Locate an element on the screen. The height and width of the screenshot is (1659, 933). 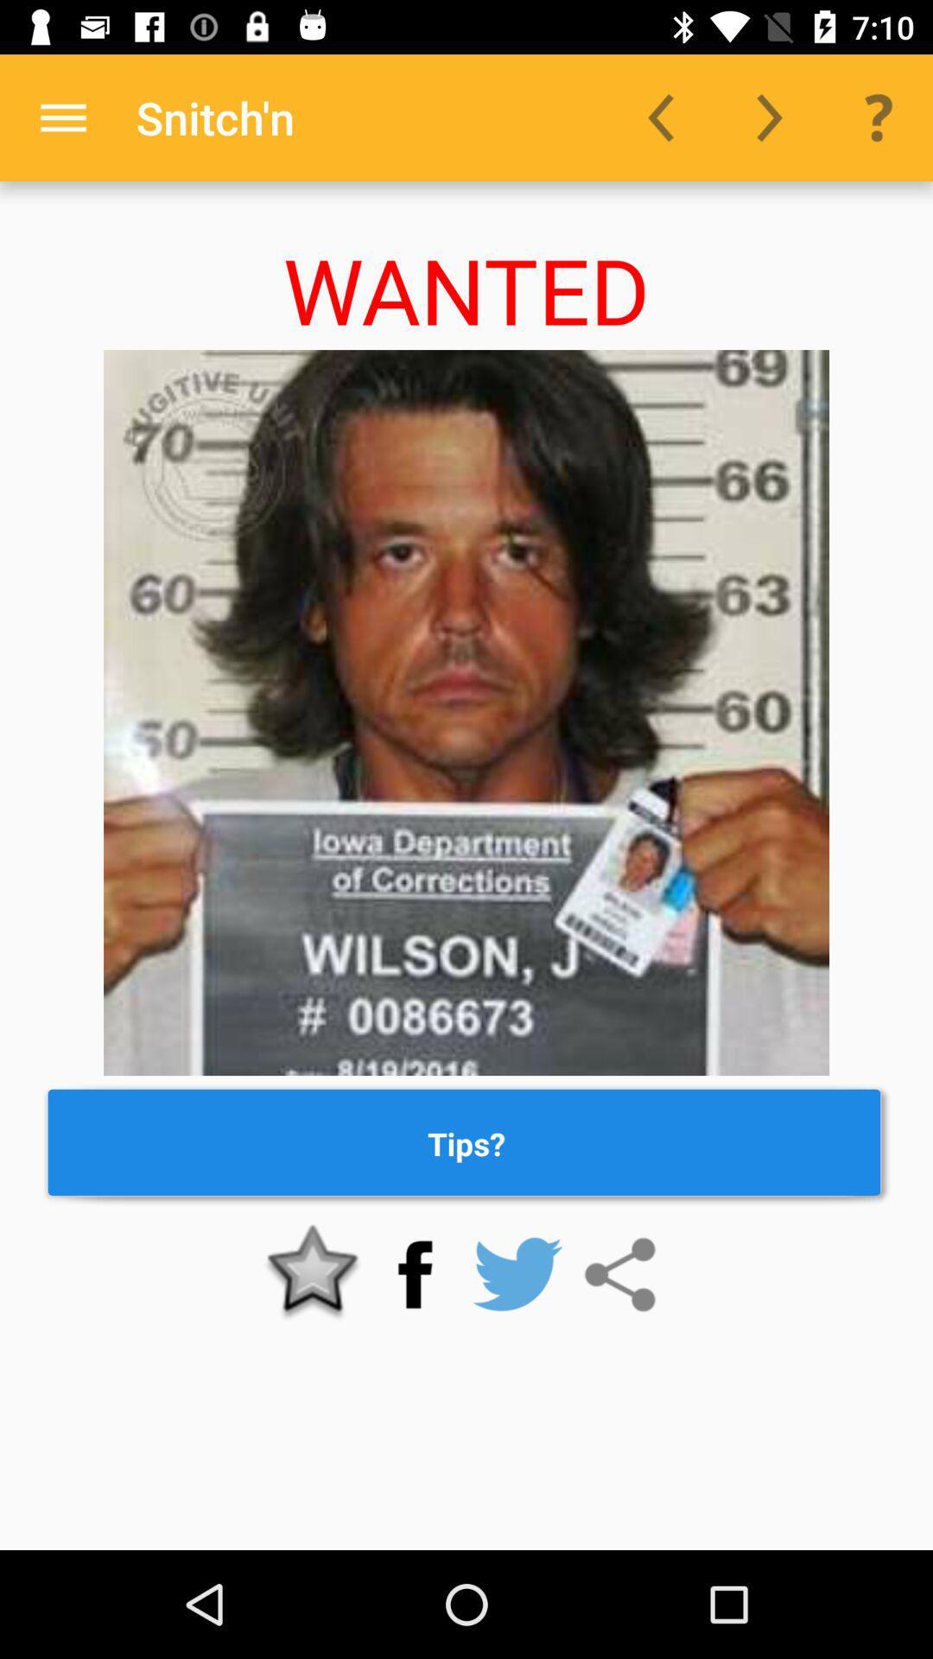
to favorites is located at coordinates (313, 1274).